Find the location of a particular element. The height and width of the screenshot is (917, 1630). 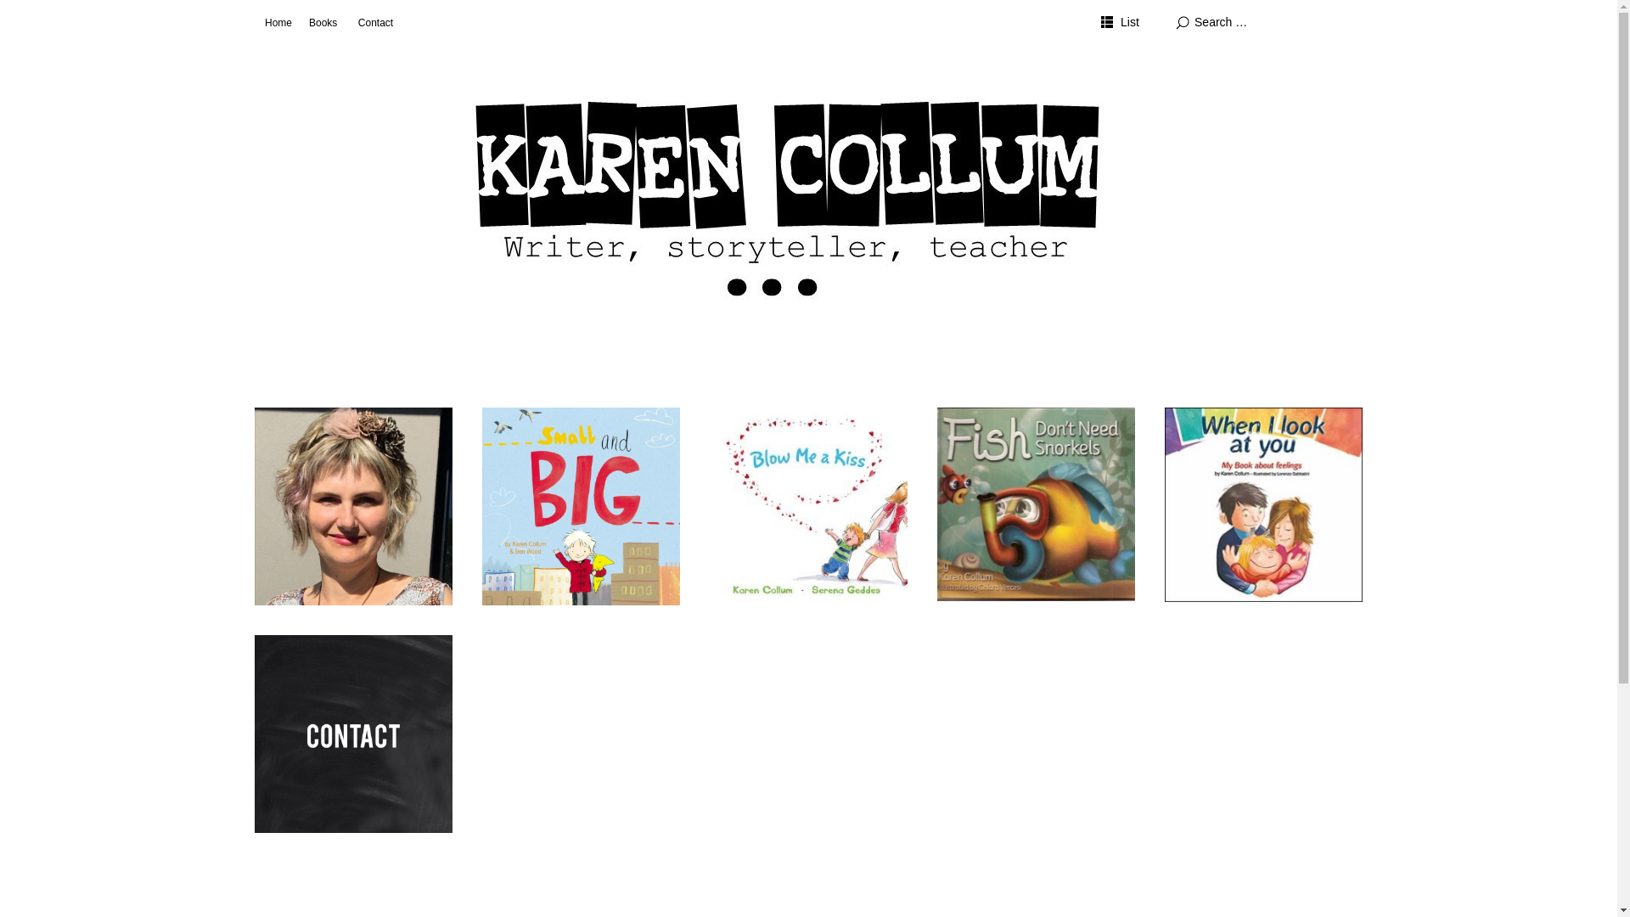

'Permalink to When I Look at You' is located at coordinates (1263, 504).